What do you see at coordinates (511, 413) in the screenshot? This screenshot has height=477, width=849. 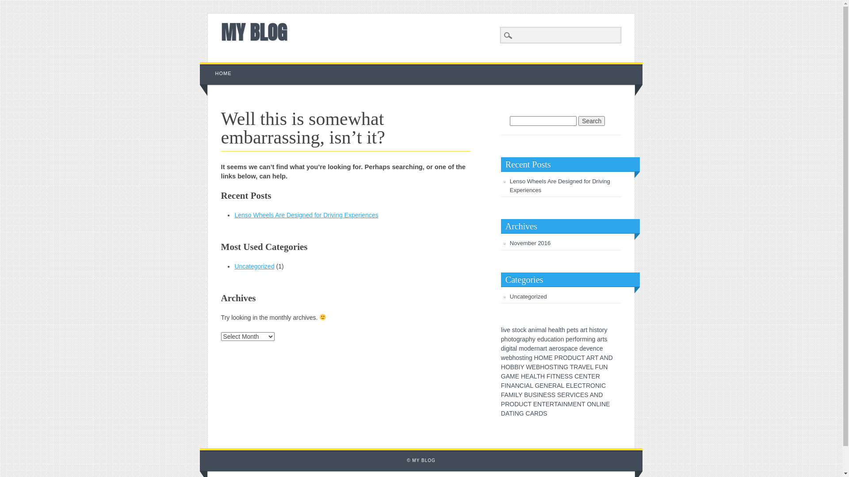 I see `'T'` at bounding box center [511, 413].